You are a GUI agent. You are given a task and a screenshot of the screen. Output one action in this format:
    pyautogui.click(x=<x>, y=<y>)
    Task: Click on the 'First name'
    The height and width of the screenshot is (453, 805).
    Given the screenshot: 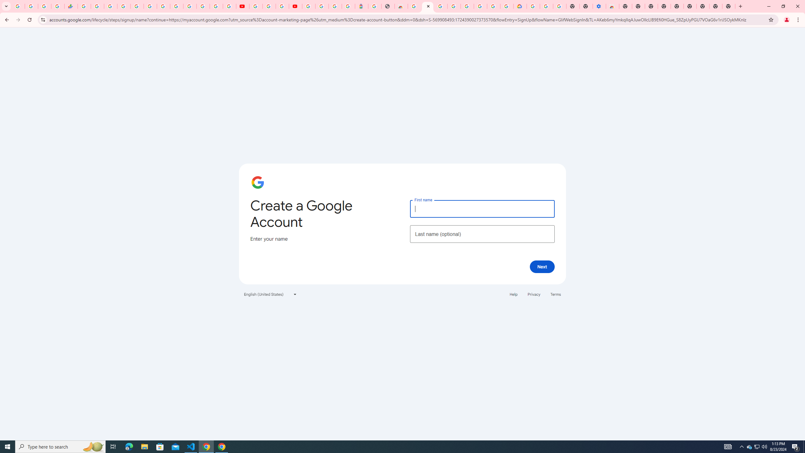 What is the action you would take?
    pyautogui.click(x=482, y=208)
    